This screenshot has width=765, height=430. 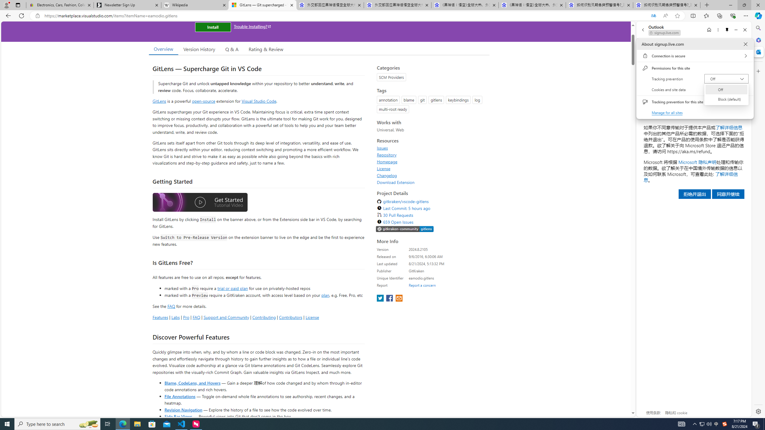 I want to click on 'Cookies and site data', so click(x=694, y=89).